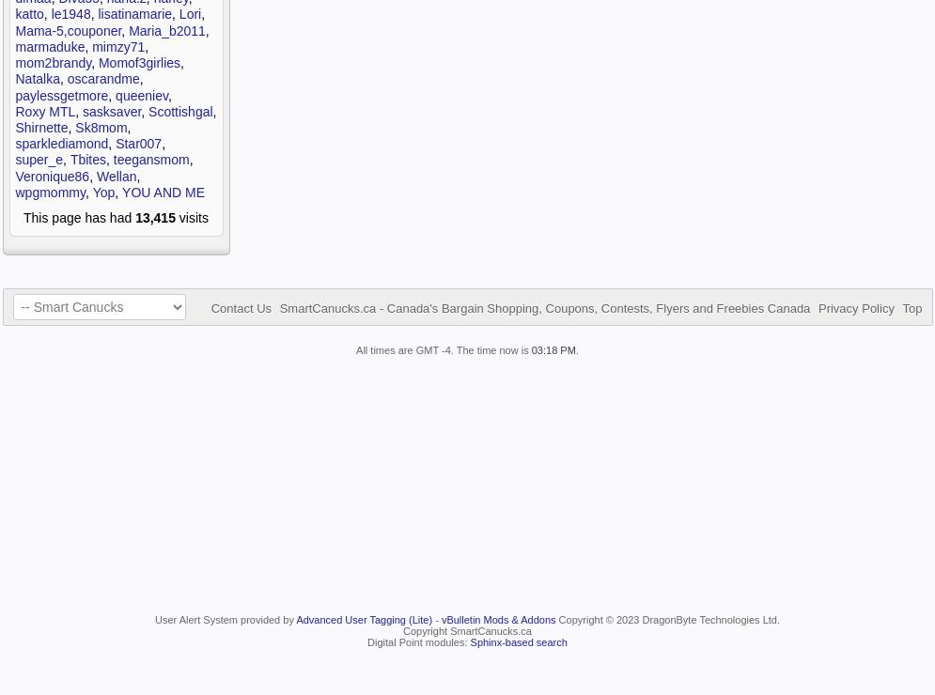 The width and height of the screenshot is (935, 695). Describe the element at coordinates (241, 307) in the screenshot. I see `'Contact Us'` at that location.